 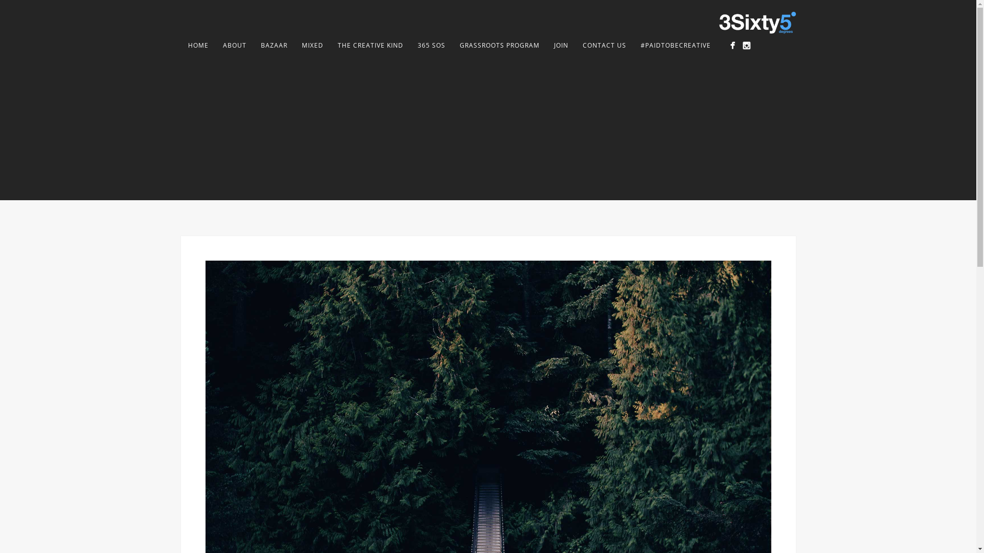 What do you see at coordinates (633, 45) in the screenshot?
I see `'#PAIDTOBECREATIVE'` at bounding box center [633, 45].